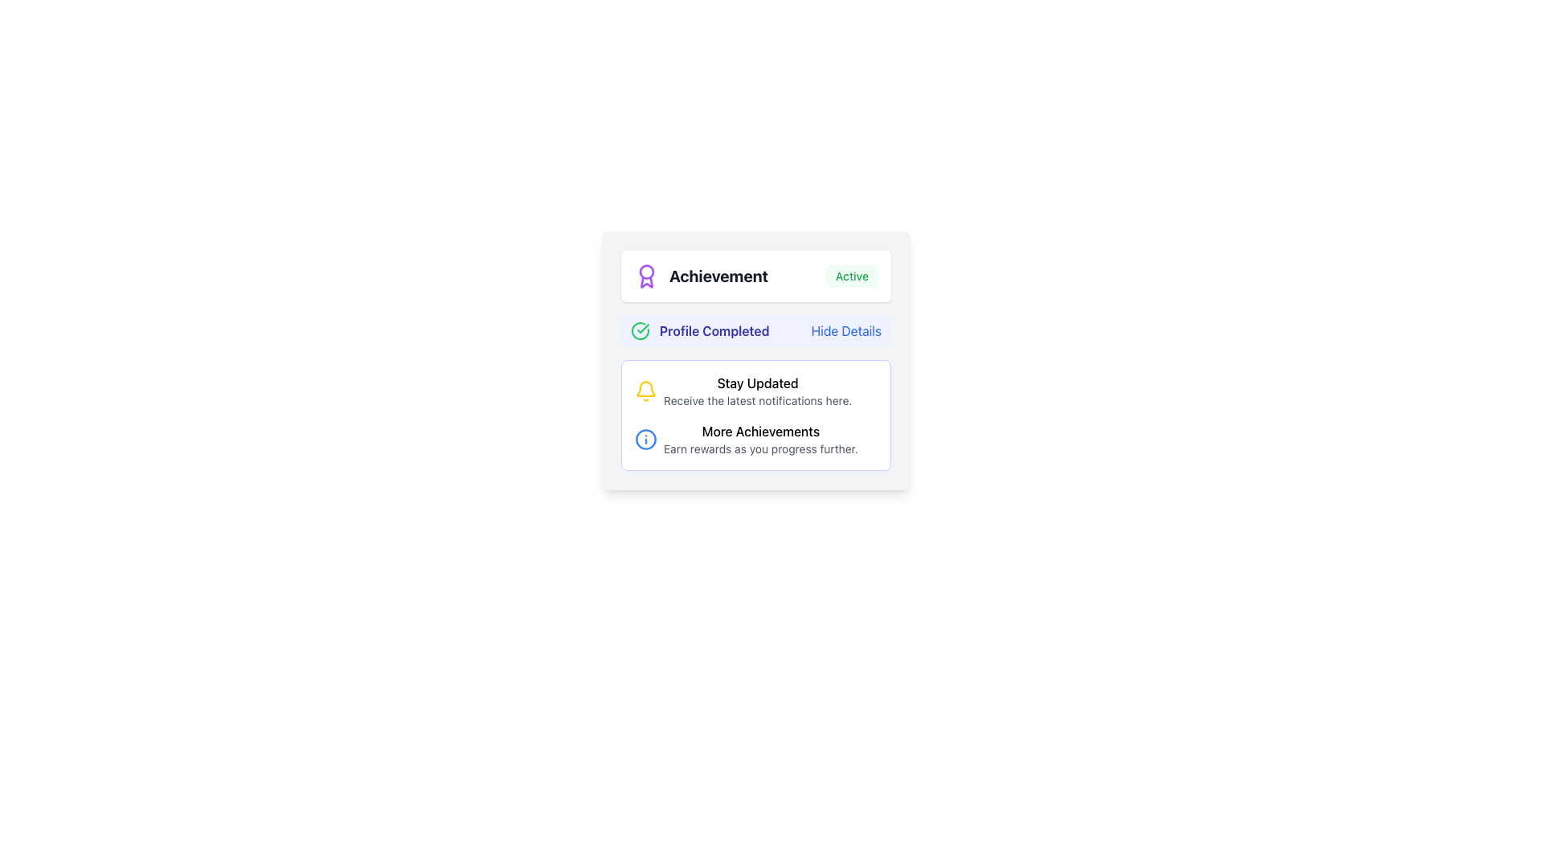 The image size is (1543, 868). Describe the element at coordinates (639, 330) in the screenshot. I see `the circular green icon with a checkmark that indicates profile completion, located next to the text 'Profile Completed'` at that location.